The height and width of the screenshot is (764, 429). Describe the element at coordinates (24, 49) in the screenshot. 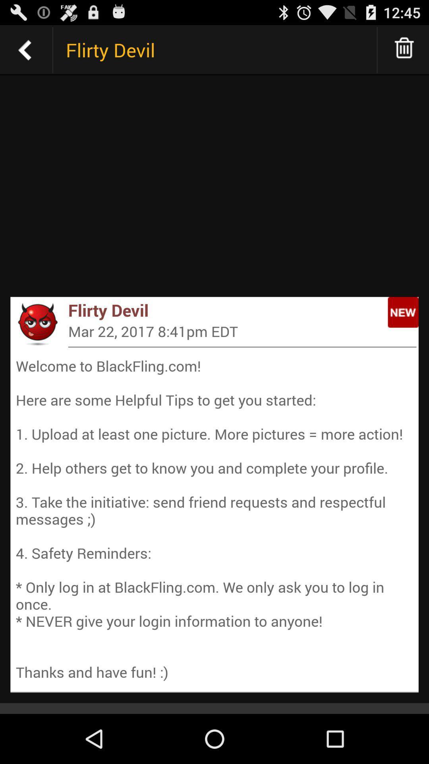

I see `flirty devil` at that location.